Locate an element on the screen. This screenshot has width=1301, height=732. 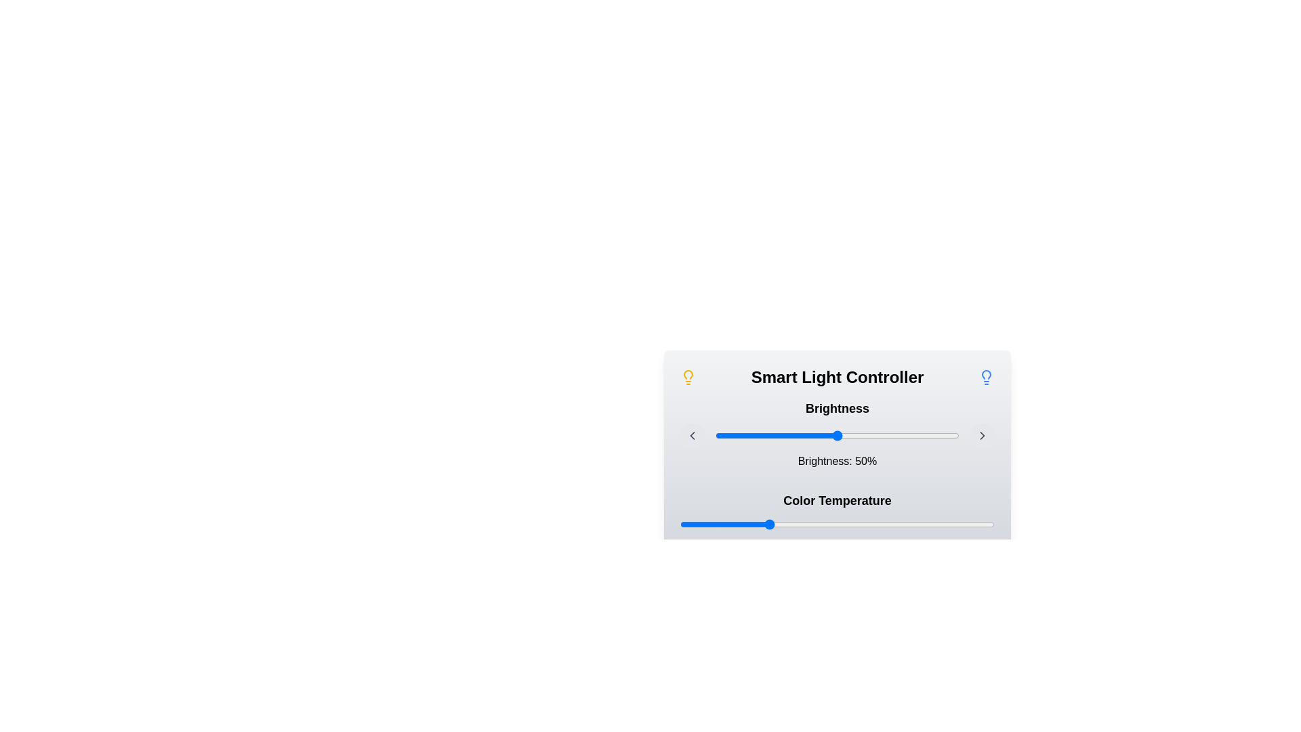
the color temperature is located at coordinates (965, 524).